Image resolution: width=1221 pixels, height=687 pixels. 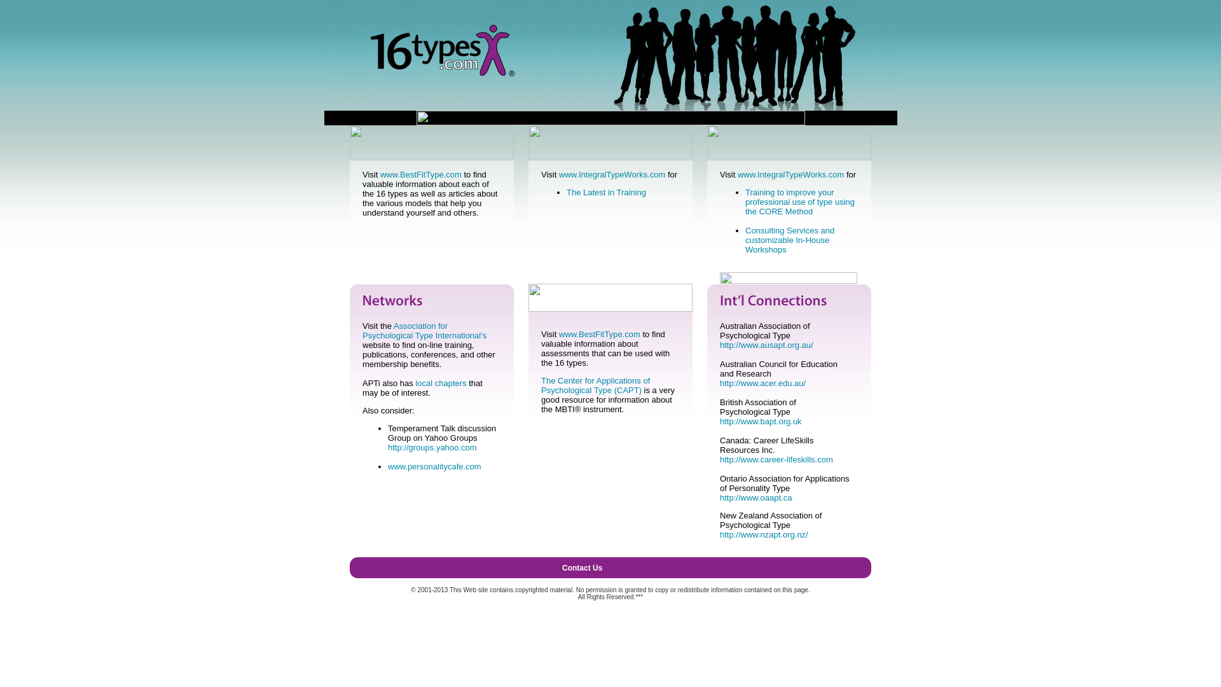 What do you see at coordinates (766, 345) in the screenshot?
I see `'http://www.ausapt.org.au/'` at bounding box center [766, 345].